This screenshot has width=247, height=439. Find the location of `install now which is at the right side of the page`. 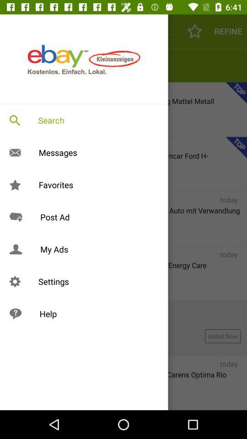

install now which is at the right side of the page is located at coordinates (222, 336).